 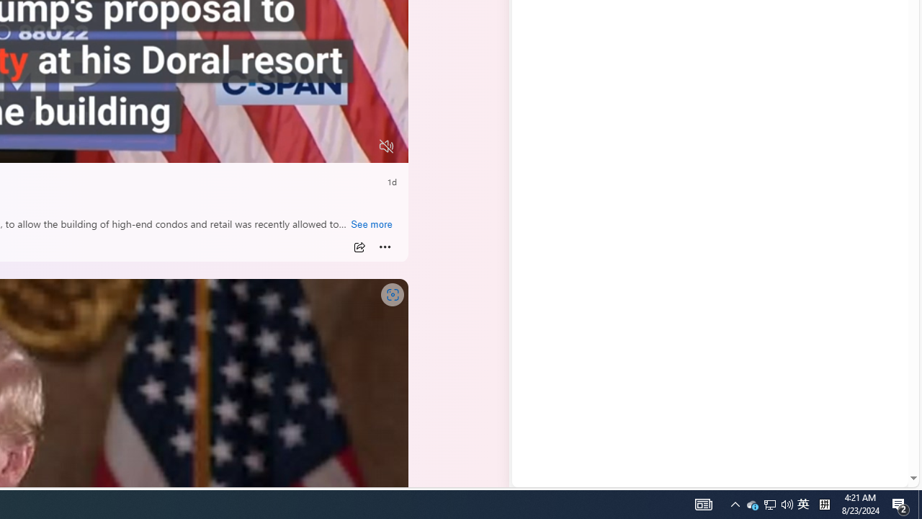 What do you see at coordinates (385, 247) in the screenshot?
I see `'More'` at bounding box center [385, 247].